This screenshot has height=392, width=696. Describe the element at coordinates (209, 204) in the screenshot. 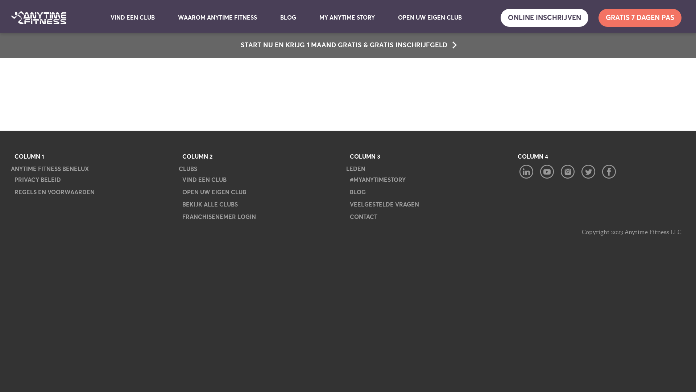

I see `'BEKIJK ALLE CLUBS'` at that location.